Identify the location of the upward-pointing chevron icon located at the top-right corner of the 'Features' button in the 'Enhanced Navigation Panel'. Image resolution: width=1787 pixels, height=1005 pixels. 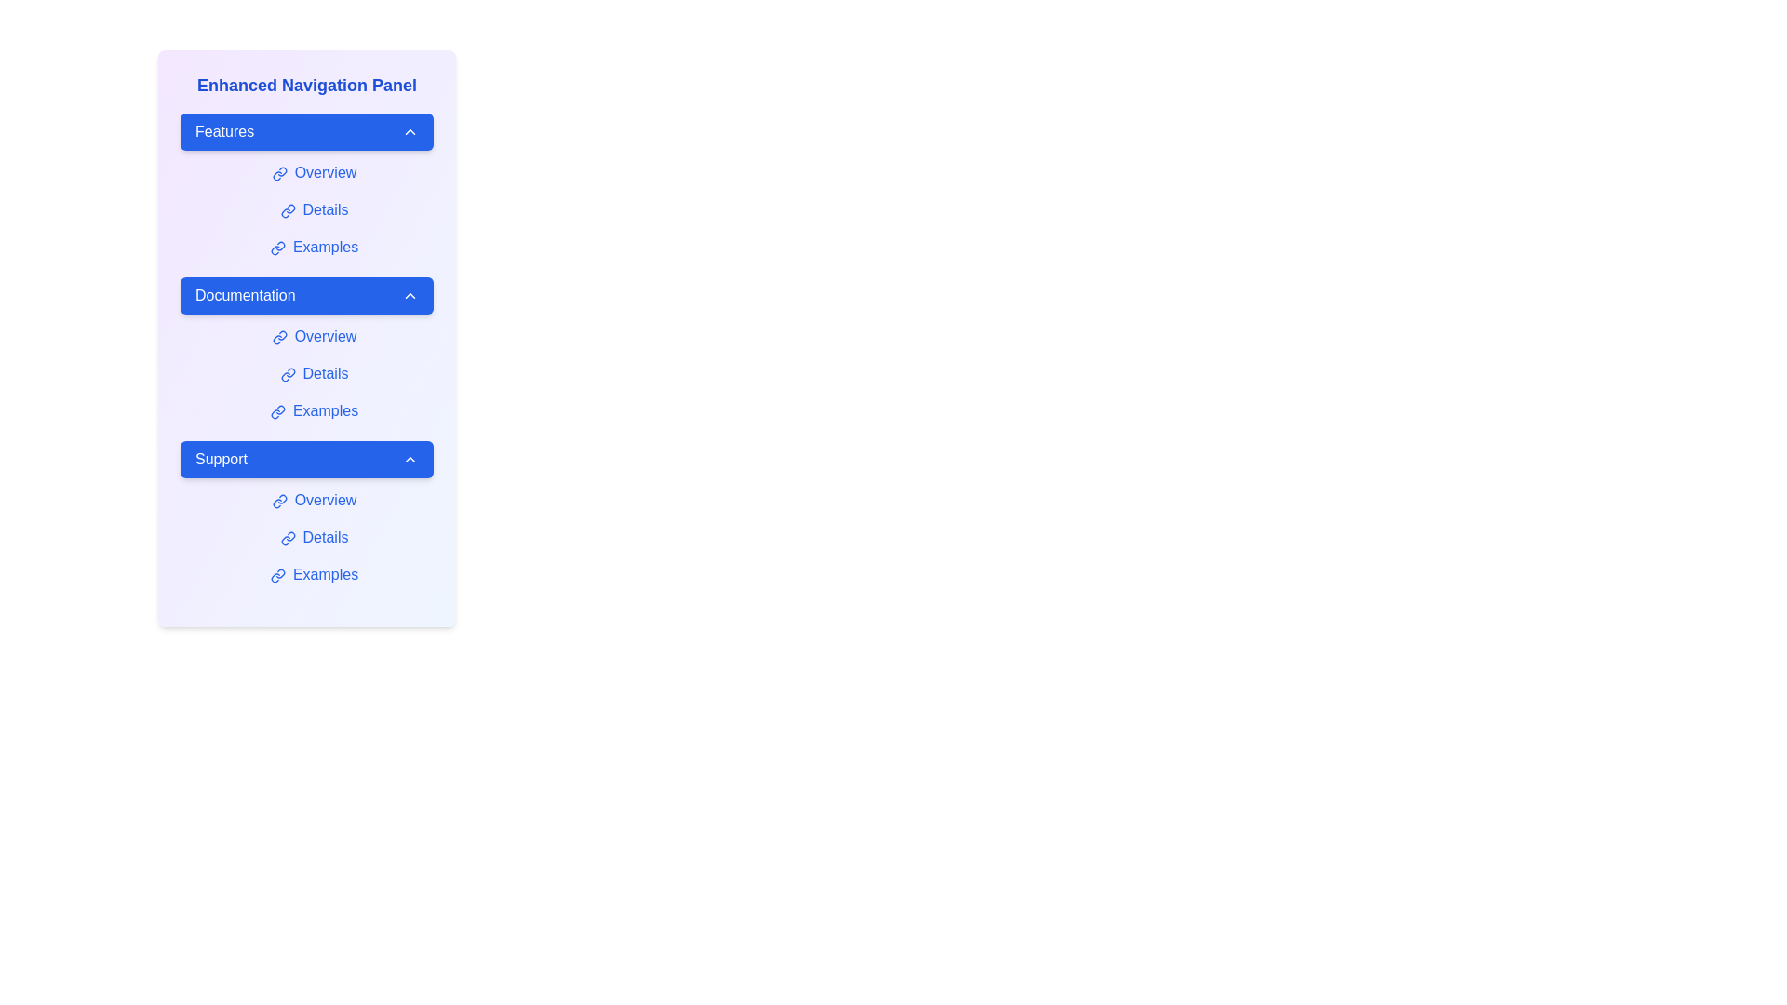
(410, 131).